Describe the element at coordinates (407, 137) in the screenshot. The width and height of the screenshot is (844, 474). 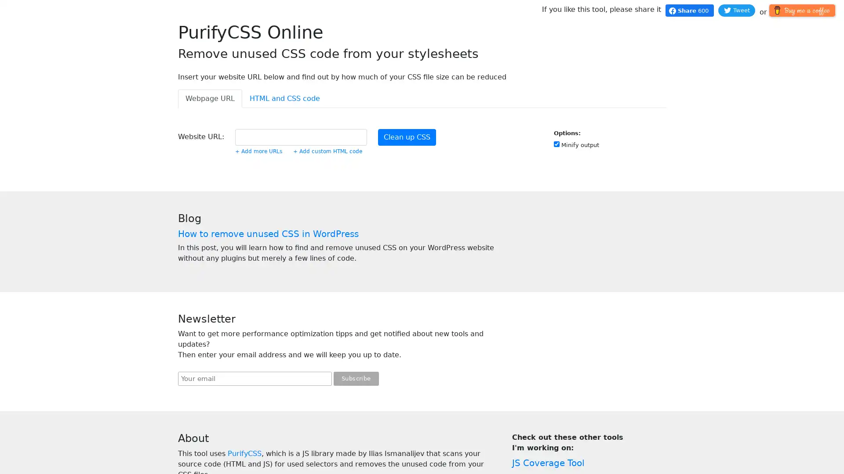
I see `Clean up CSS` at that location.